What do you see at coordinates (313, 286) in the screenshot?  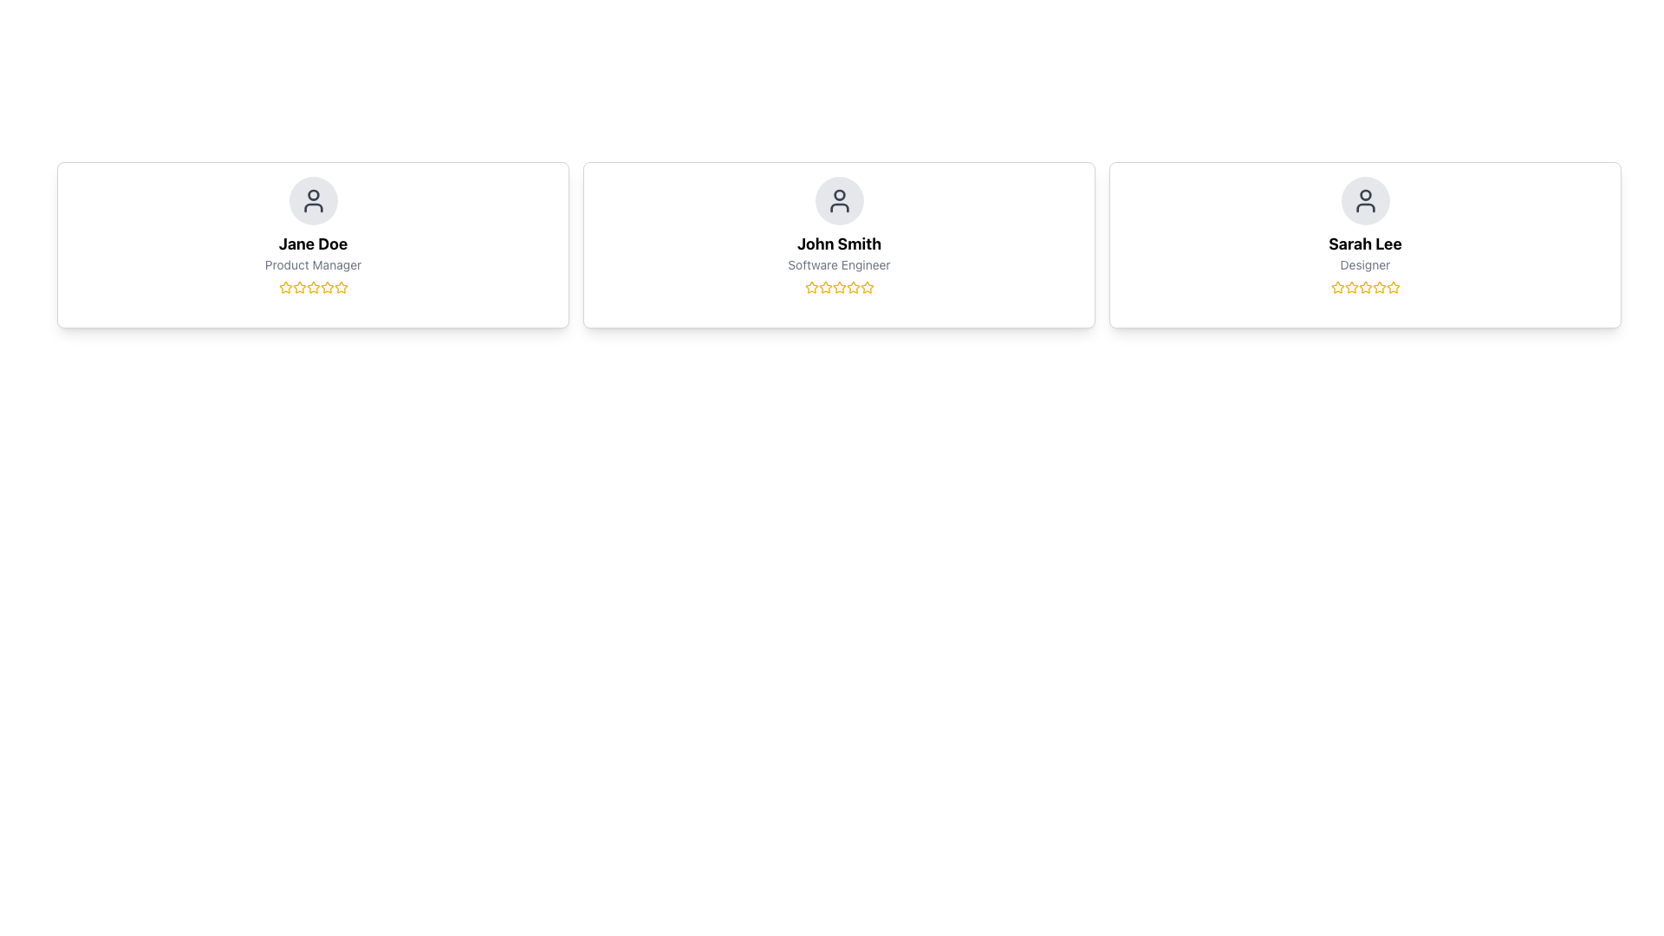 I see `the third star in the rating component of Jane Doe's card` at bounding box center [313, 286].